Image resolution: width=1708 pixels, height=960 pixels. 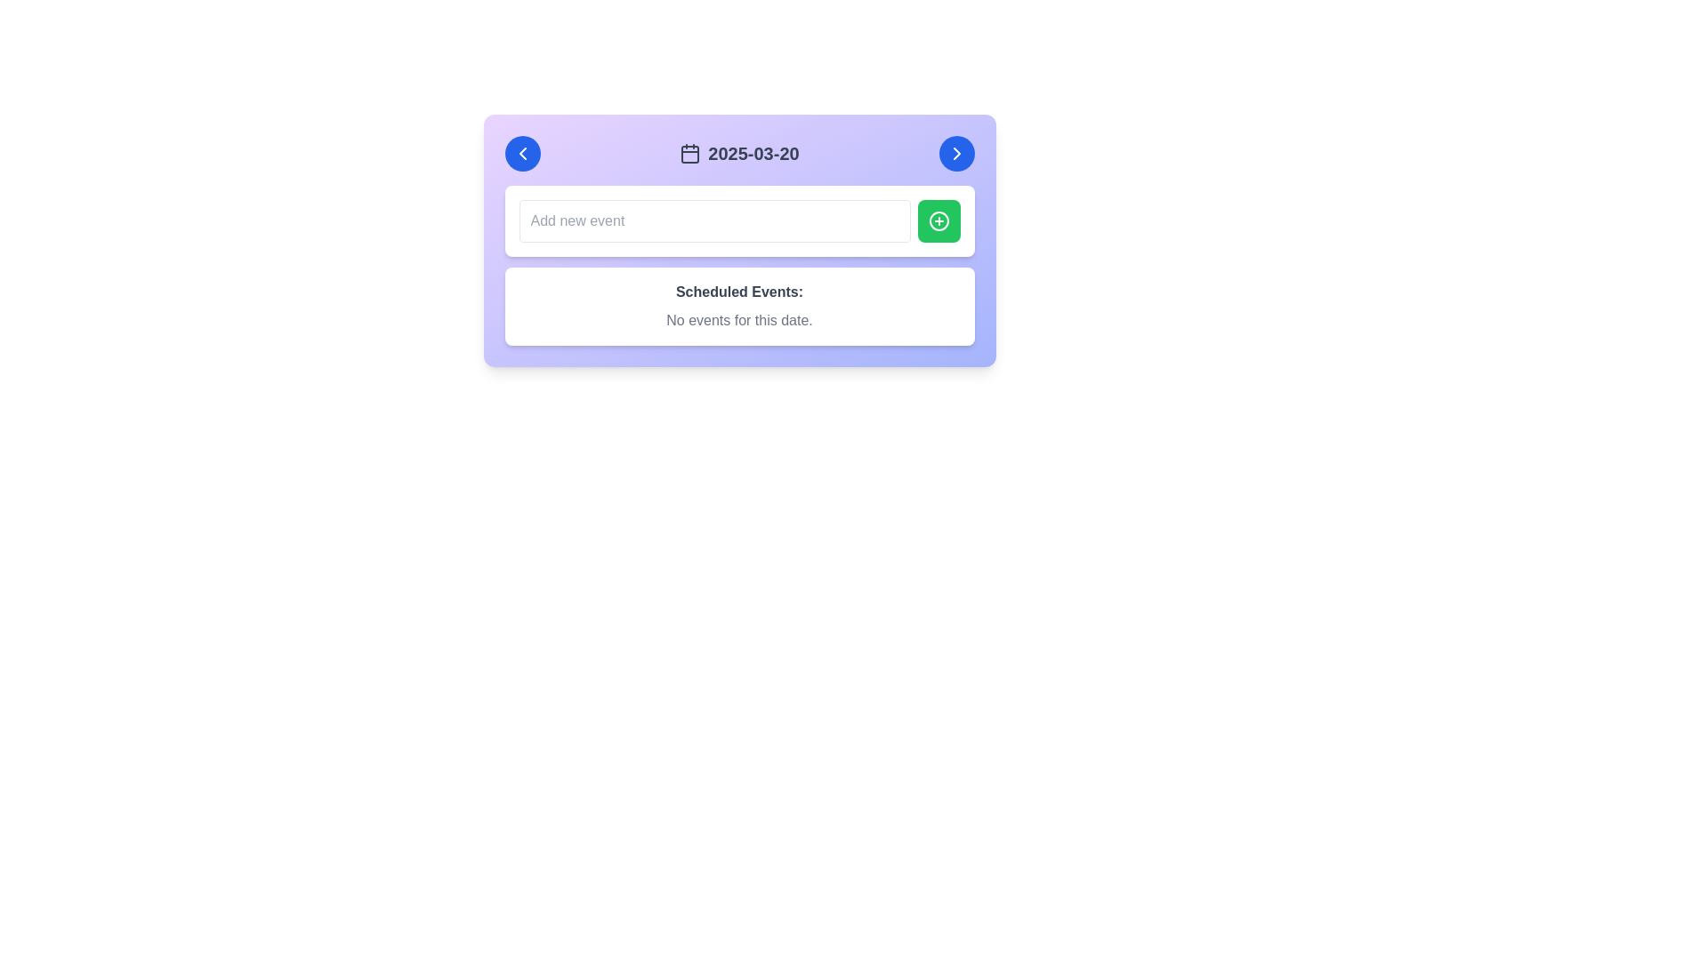 I want to click on the circular button with a blue background and a white chevron arrow pointing to the right, located at the top right corner of the card labeled '2025-03-20' to observe the hover effect, so click(x=955, y=153).